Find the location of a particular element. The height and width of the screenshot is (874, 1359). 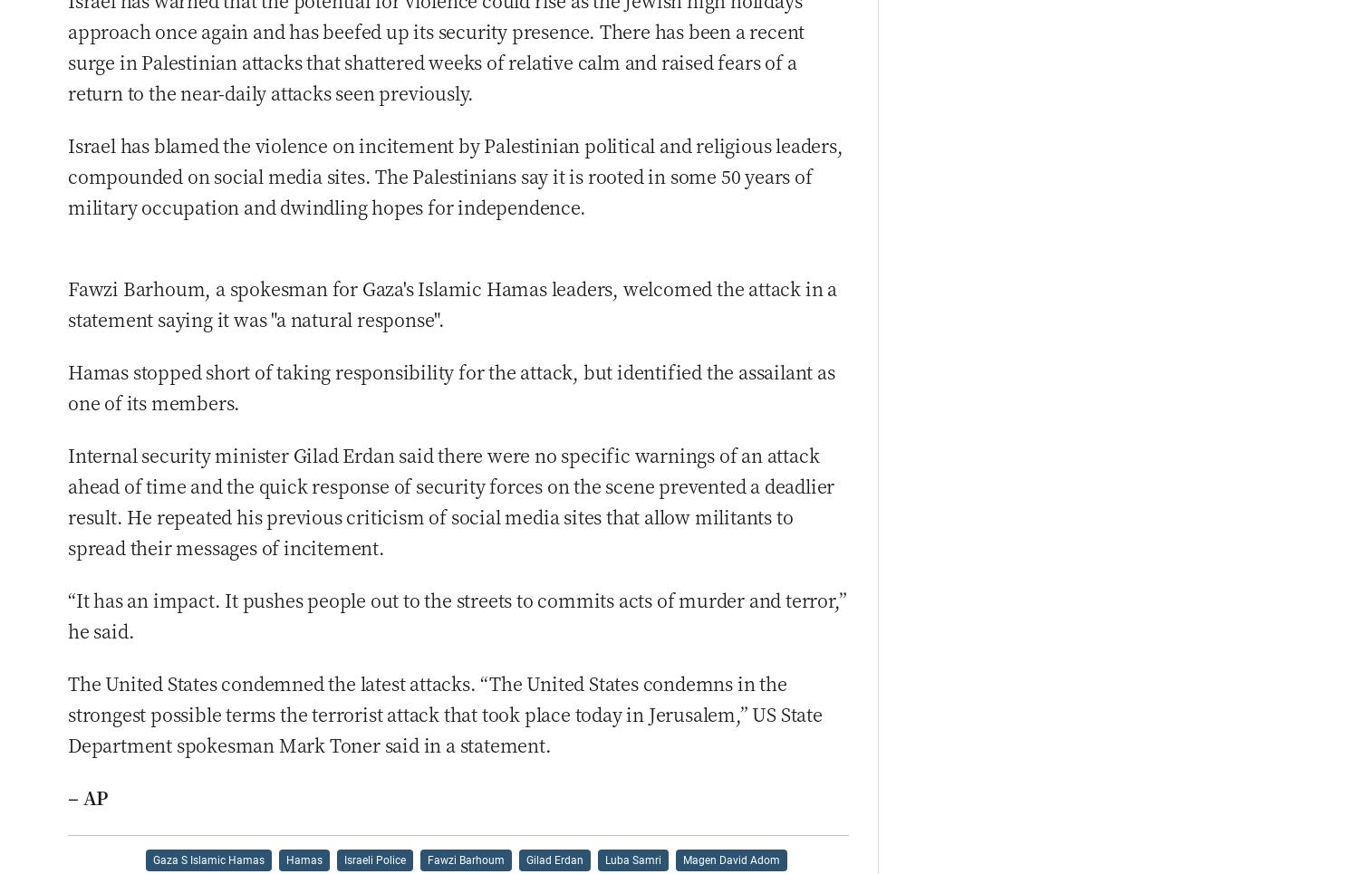

'Gilad Erdan' is located at coordinates (553, 859).